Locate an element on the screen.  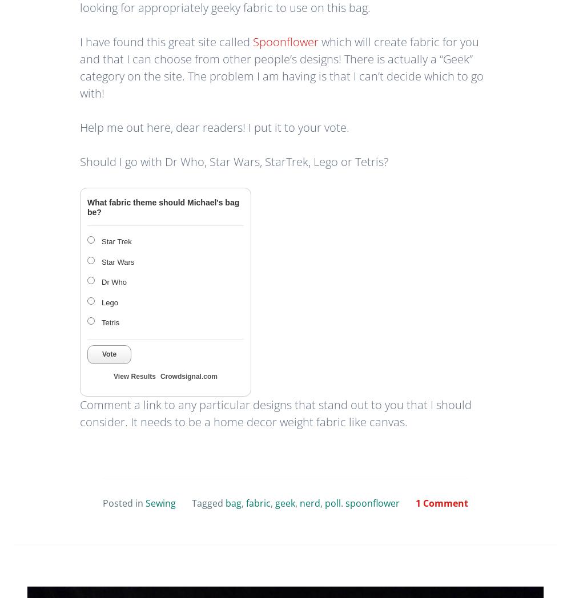
'View Results' is located at coordinates (134, 375).